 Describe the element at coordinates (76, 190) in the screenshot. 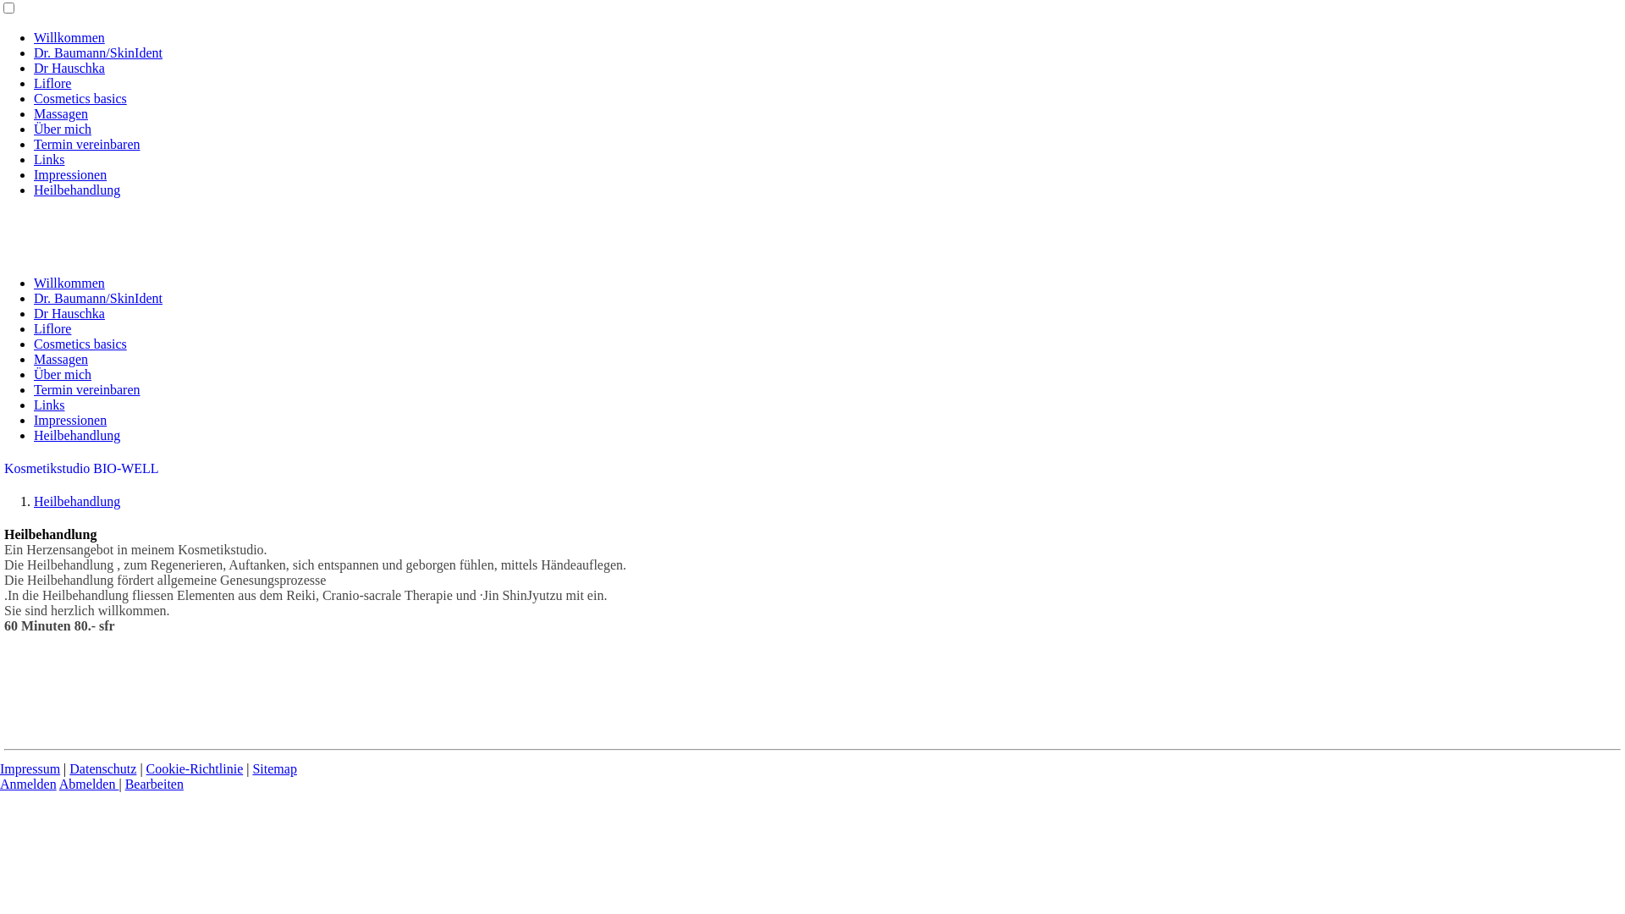

I see `'Heilbehandlung'` at that location.